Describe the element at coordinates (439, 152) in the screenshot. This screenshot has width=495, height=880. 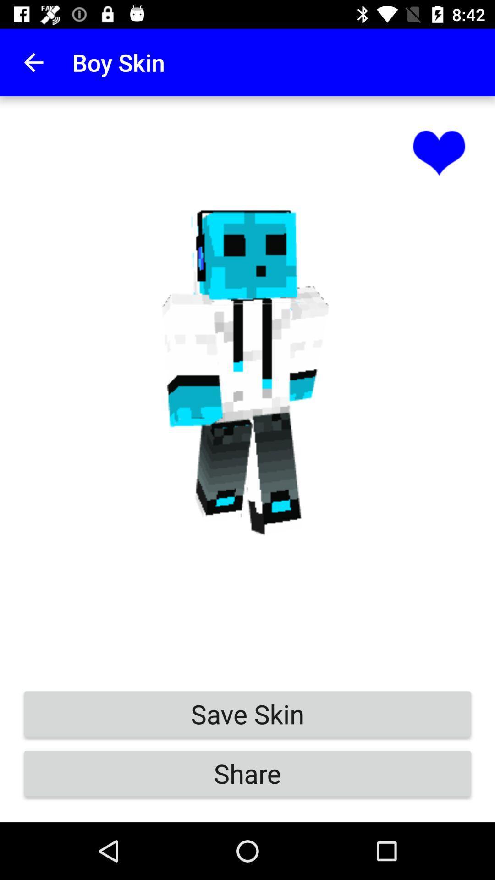
I see `the favorite icon` at that location.